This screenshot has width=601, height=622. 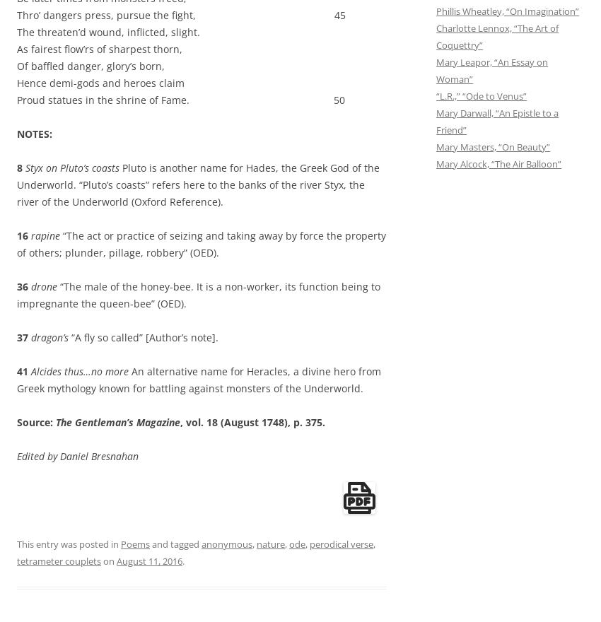 I want to click on 'Source:', so click(x=36, y=421).